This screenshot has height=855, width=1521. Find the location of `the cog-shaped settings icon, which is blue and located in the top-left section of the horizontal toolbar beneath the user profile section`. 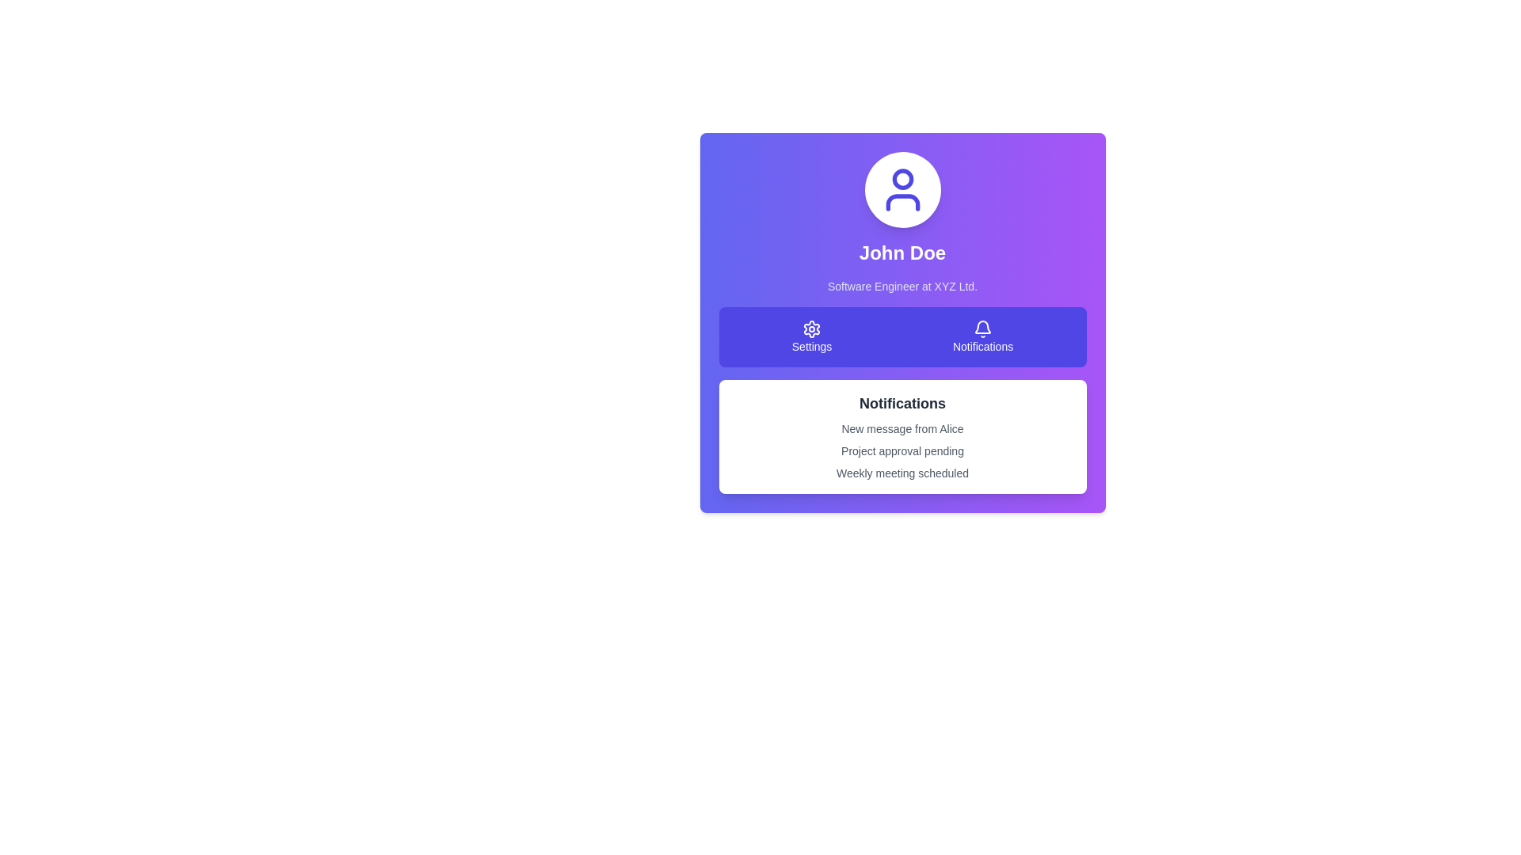

the cog-shaped settings icon, which is blue and located in the top-left section of the horizontal toolbar beneath the user profile section is located at coordinates (812, 329).